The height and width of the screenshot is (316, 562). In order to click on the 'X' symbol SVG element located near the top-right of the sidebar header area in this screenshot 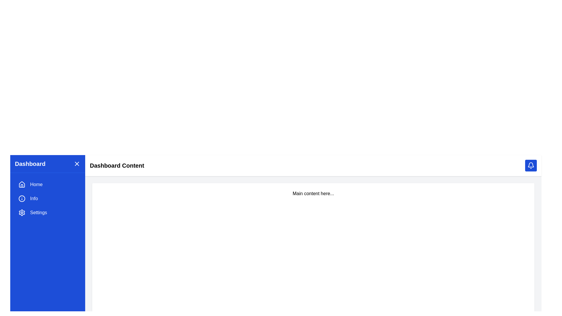, I will do `click(77, 164)`.